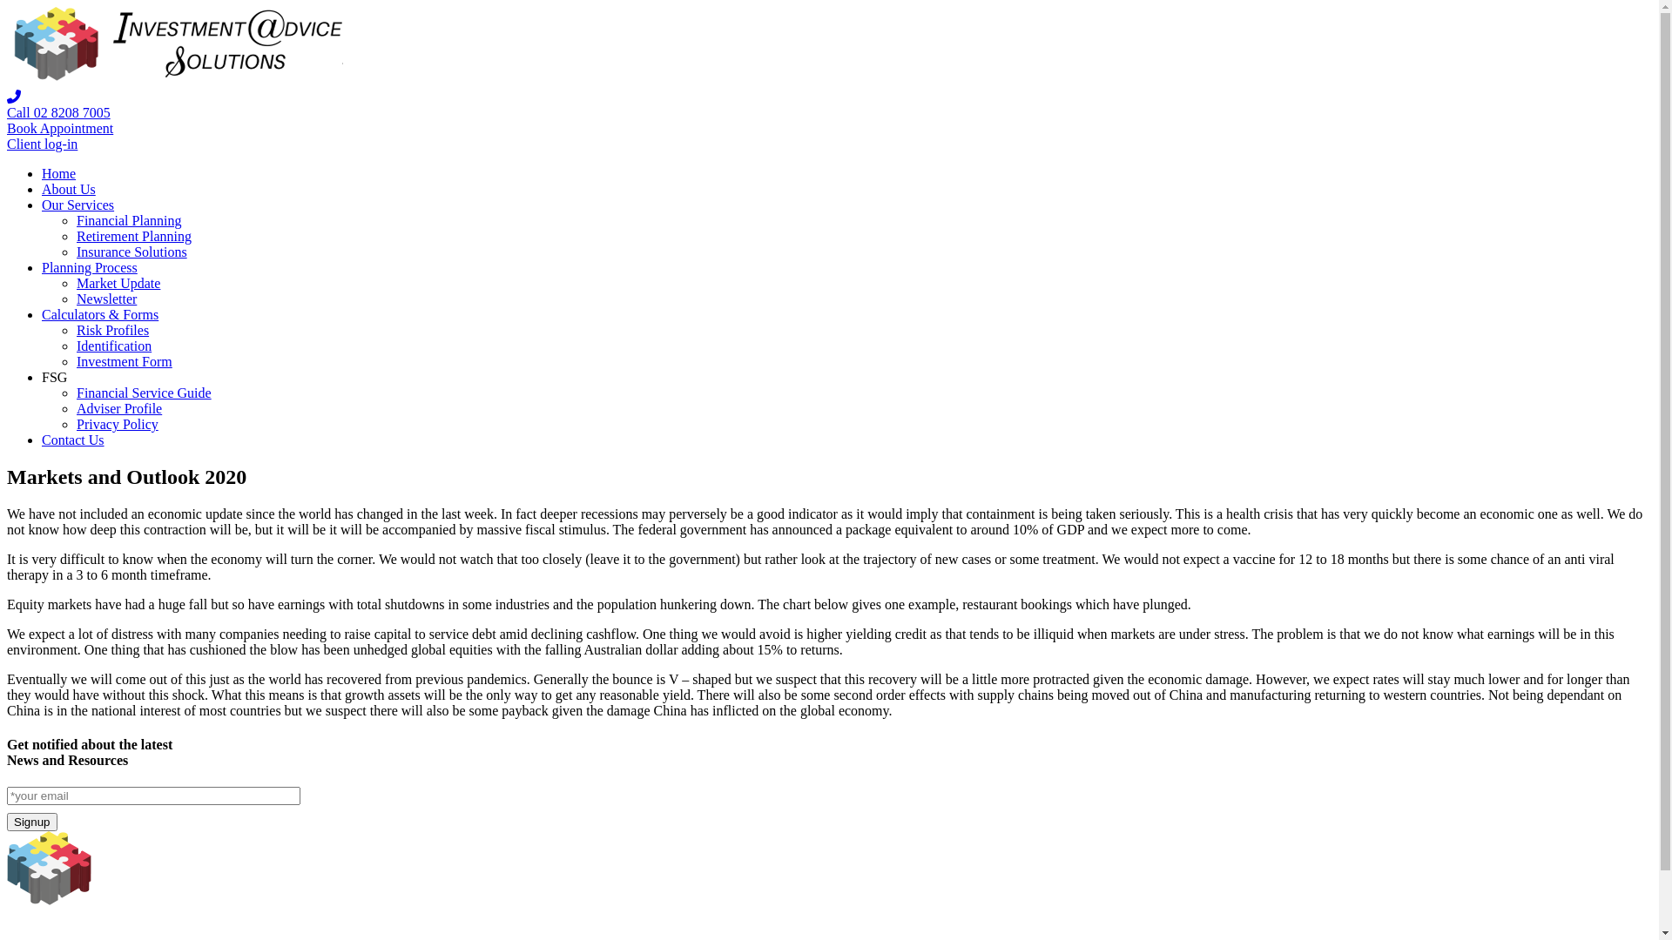 The height and width of the screenshot is (940, 1672). Describe the element at coordinates (116, 424) in the screenshot. I see `'Privacy Policy'` at that location.